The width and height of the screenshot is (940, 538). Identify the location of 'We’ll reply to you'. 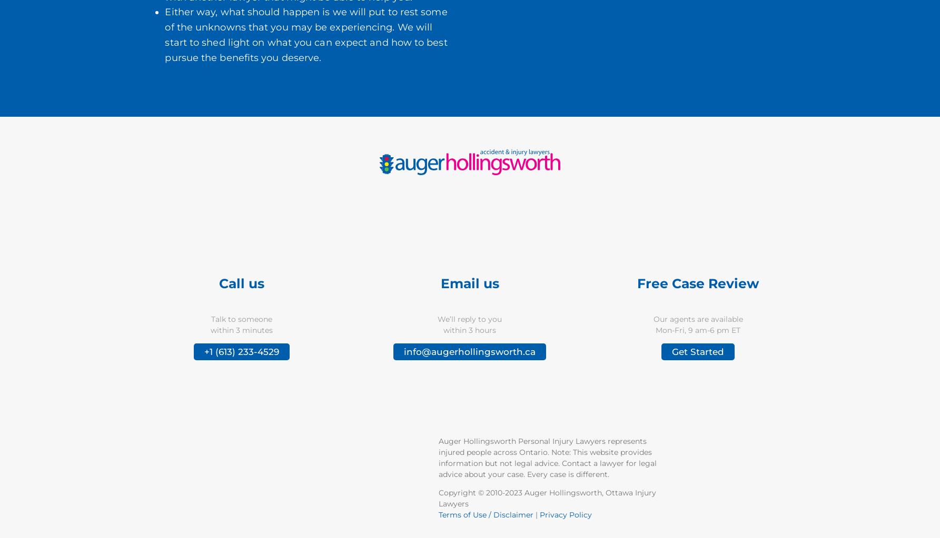
(437, 319).